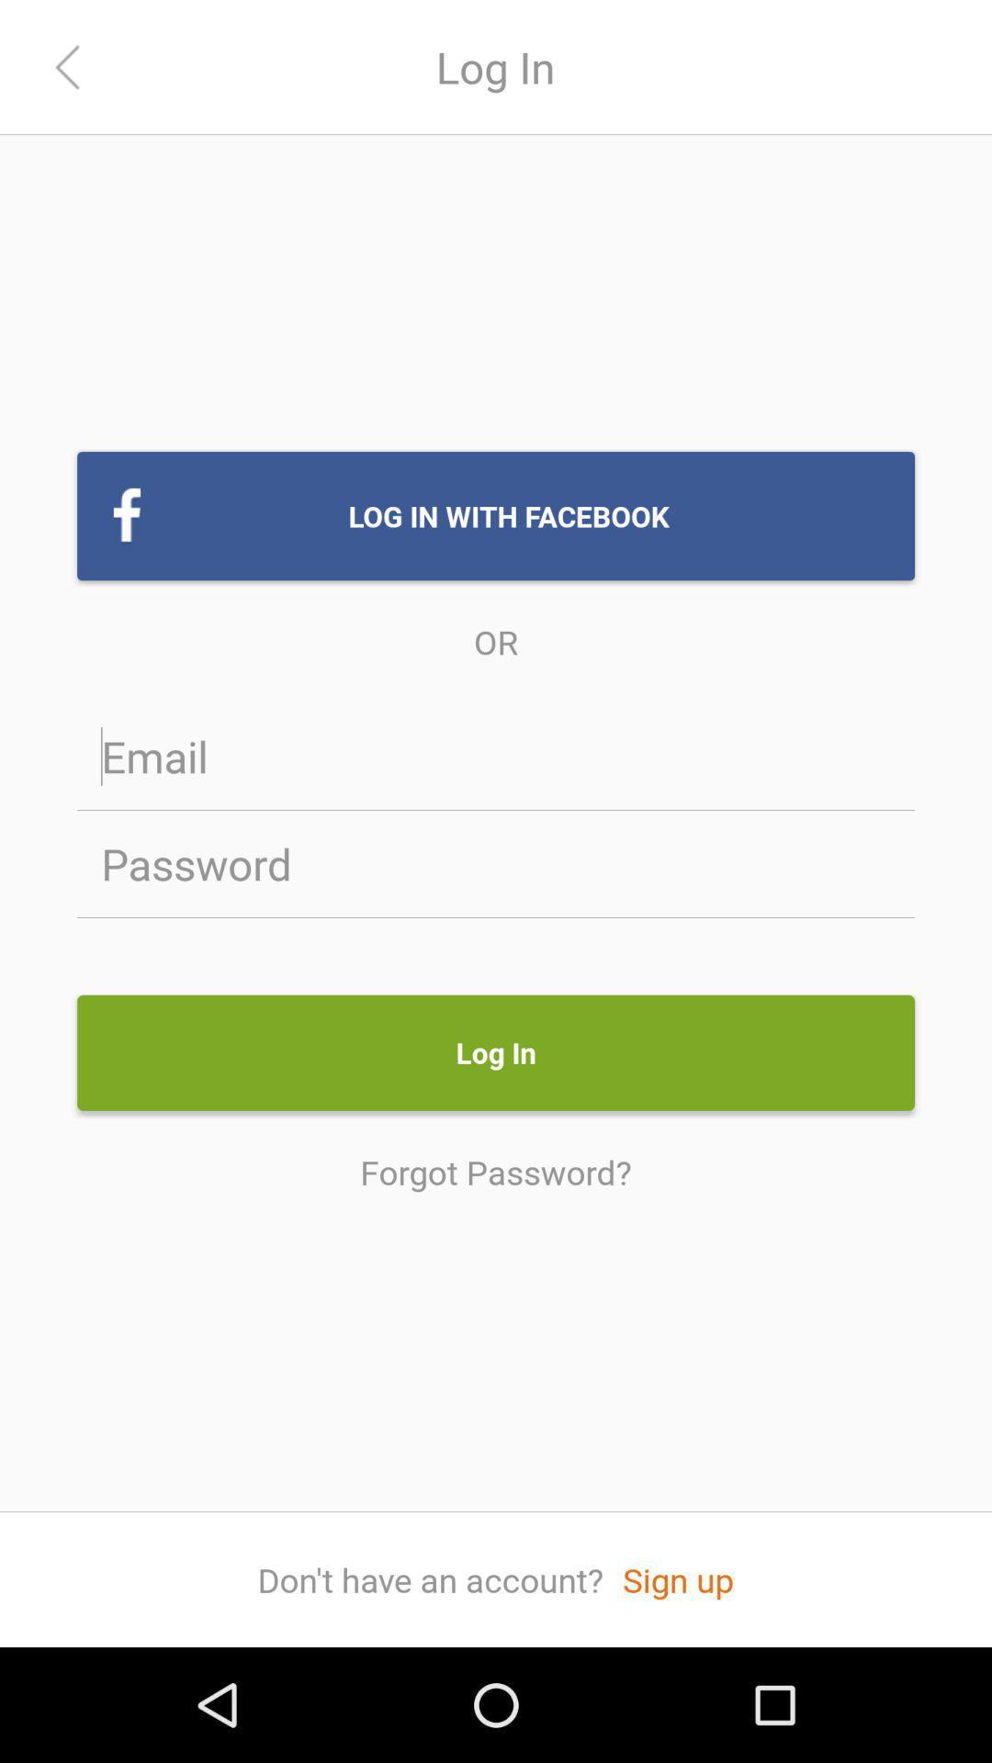 Image resolution: width=992 pixels, height=1763 pixels. I want to click on go back, so click(66, 67).